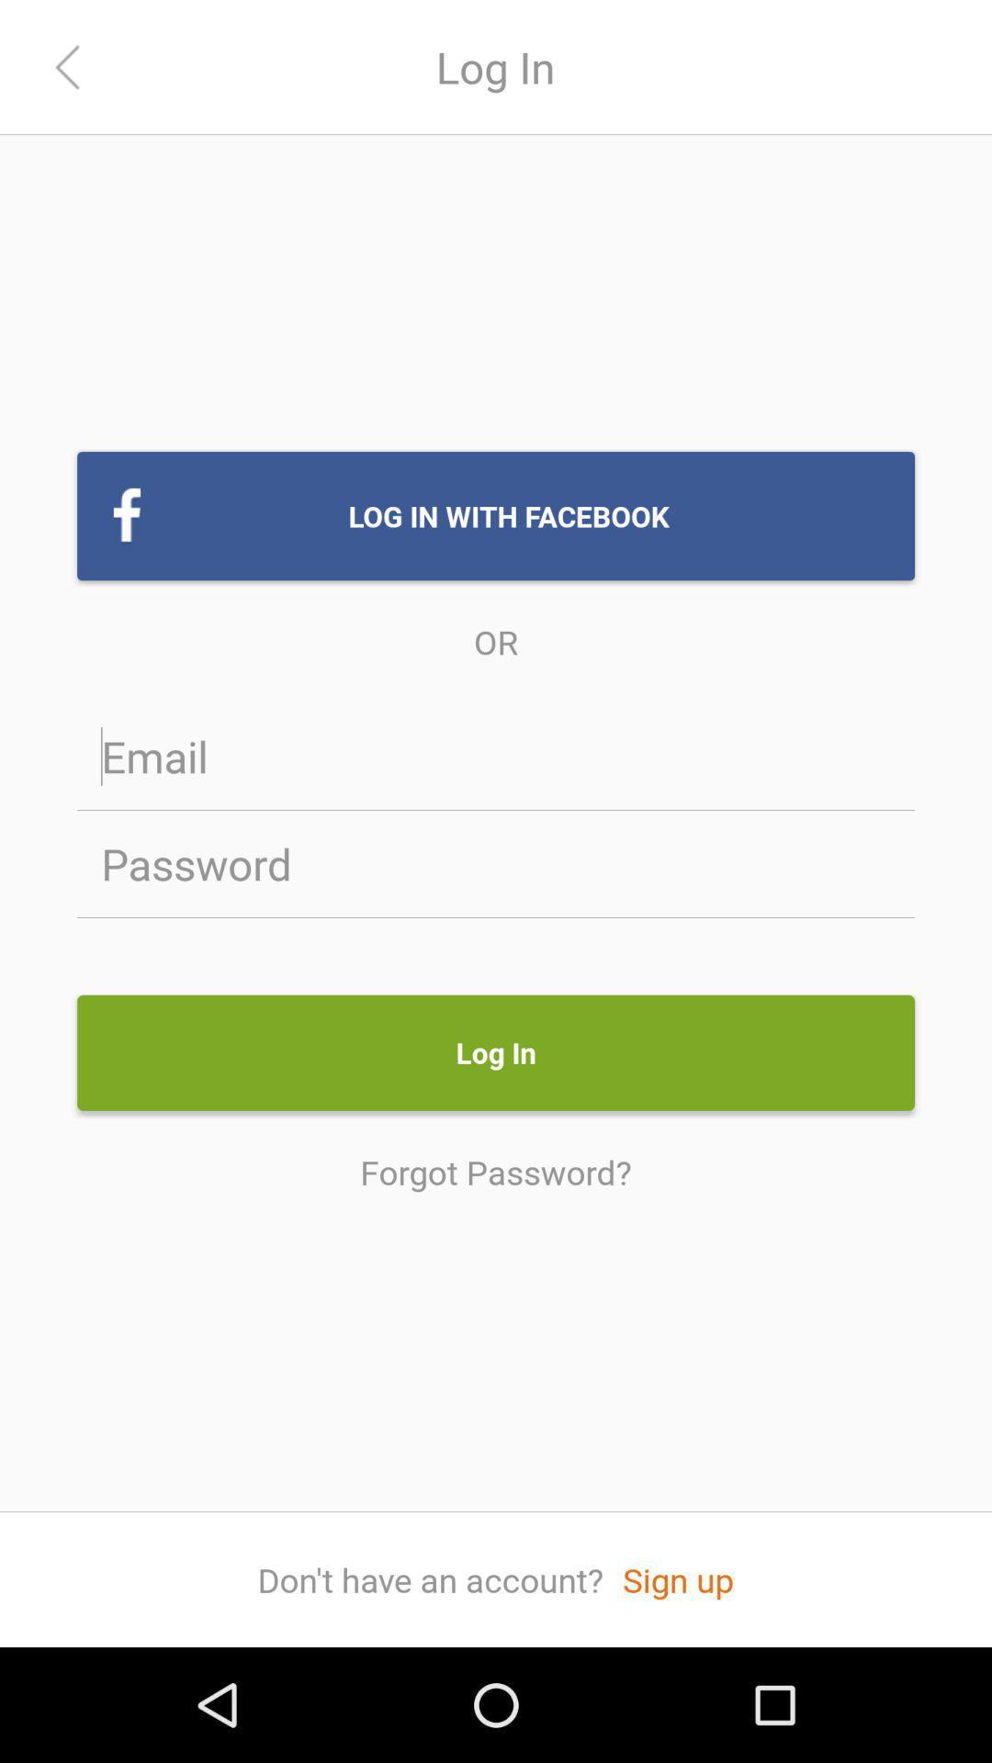 Image resolution: width=992 pixels, height=1763 pixels. I want to click on go back, so click(66, 67).